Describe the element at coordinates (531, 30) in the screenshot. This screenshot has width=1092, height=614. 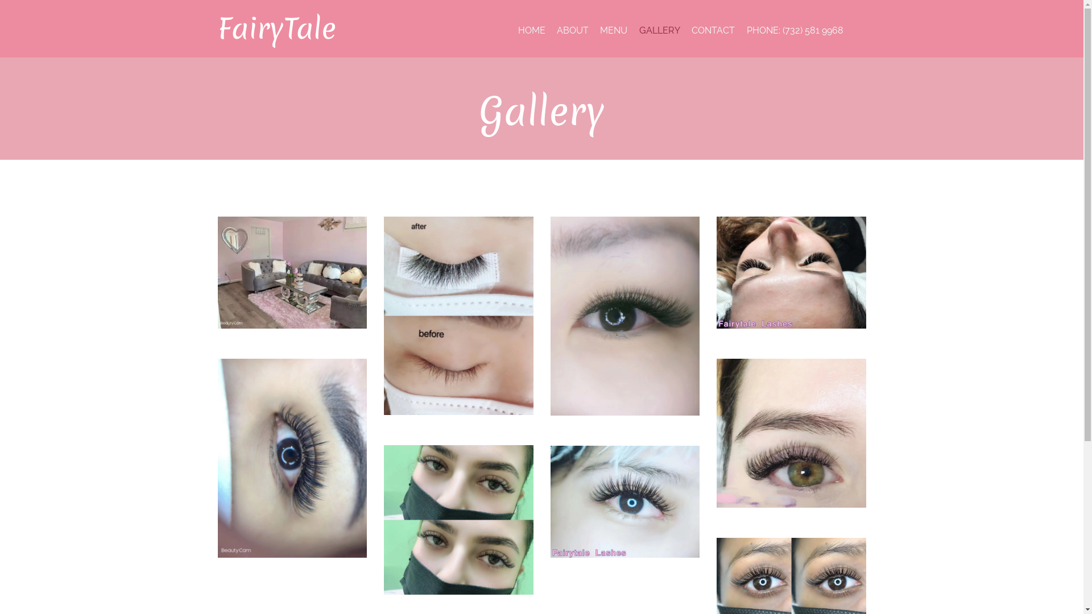
I see `'HOME'` at that location.